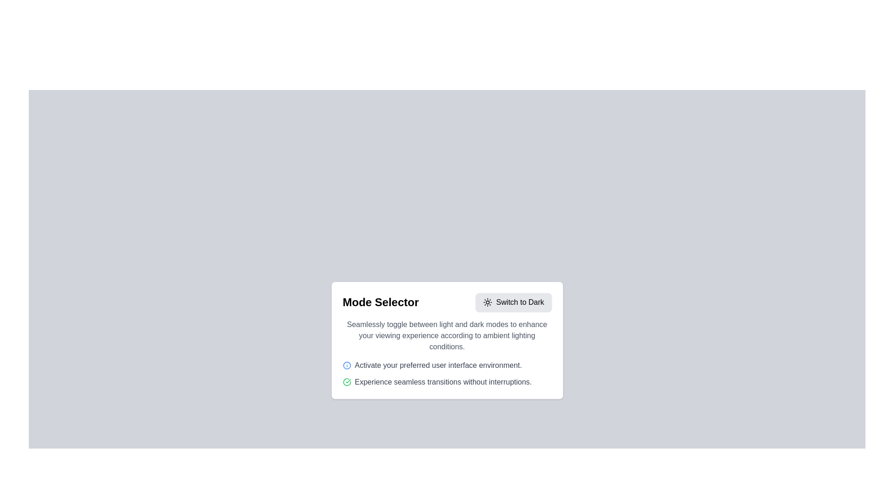  Describe the element at coordinates (443, 382) in the screenshot. I see `the text label that reads 'Experience seamless transitions without interruptions.' which is styled in gray and is positioned within a card layout, directly following a blue information icon and aligned with a green check icon to its left` at that location.